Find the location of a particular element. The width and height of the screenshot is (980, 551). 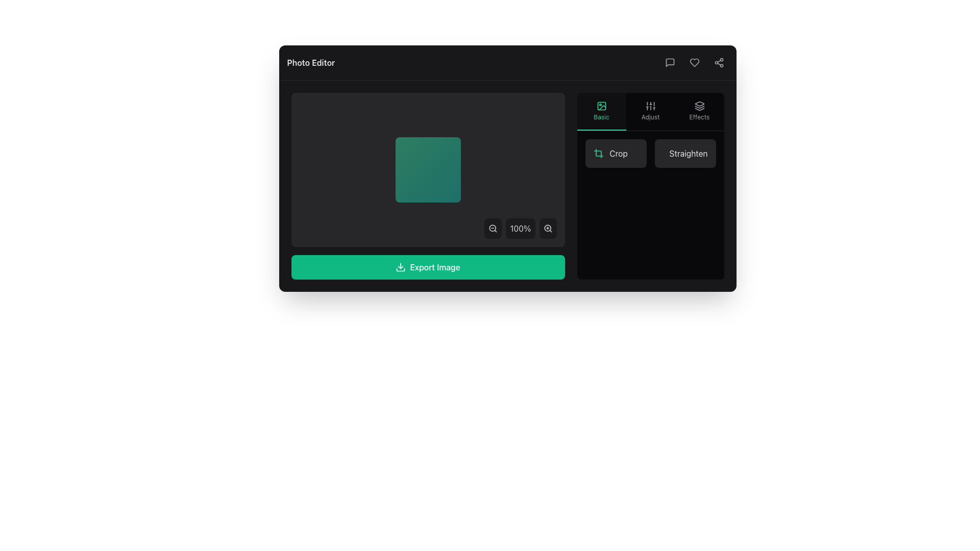

the informational label displaying '100%' in white, located at the bottom-right corner of its section between zoom buttons is located at coordinates (520, 228).